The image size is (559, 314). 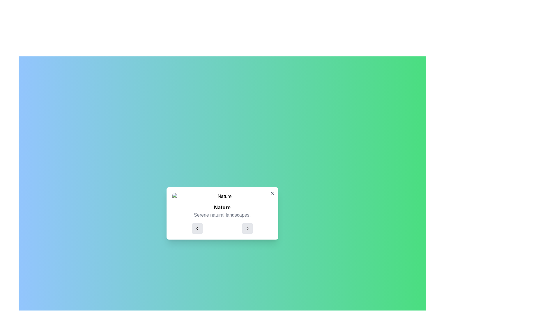 What do you see at coordinates (222, 215) in the screenshot?
I see `the static text element that provides additional context related to the title 'Nature', located below the title within a white, rounded box` at bounding box center [222, 215].